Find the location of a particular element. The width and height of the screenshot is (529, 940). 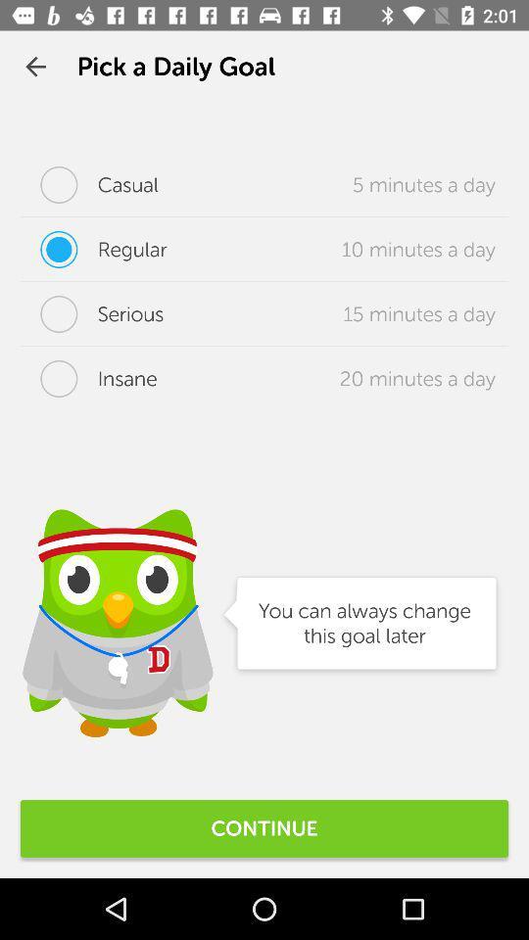

icon to the left of the 10 minutes a item is located at coordinates (92, 248).